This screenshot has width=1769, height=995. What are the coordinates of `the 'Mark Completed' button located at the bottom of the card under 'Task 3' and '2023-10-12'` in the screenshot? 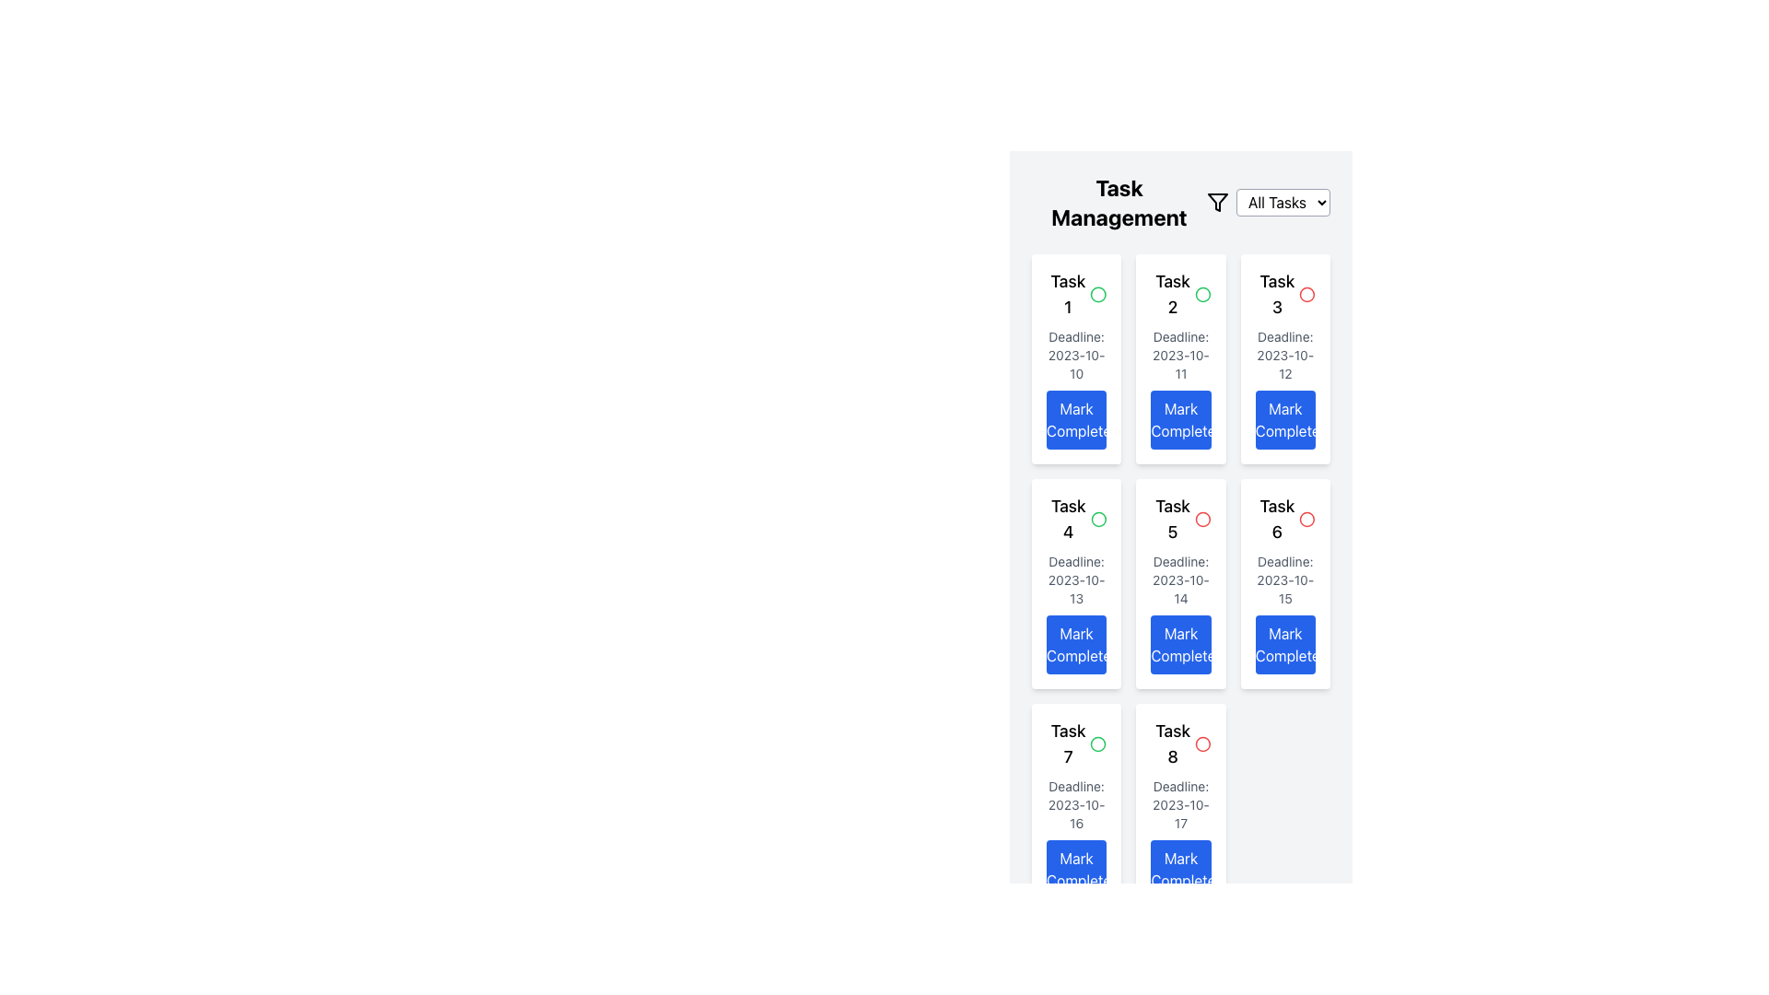 It's located at (1284, 419).